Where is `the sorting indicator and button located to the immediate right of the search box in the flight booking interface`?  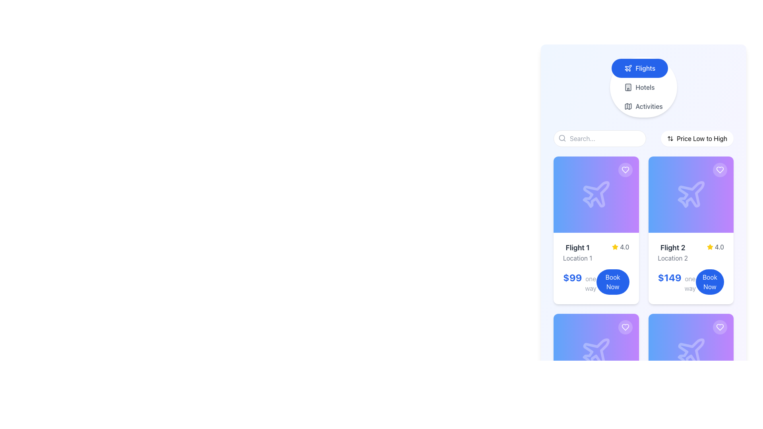 the sorting indicator and button located to the immediate right of the search box in the flight booking interface is located at coordinates (643, 138).